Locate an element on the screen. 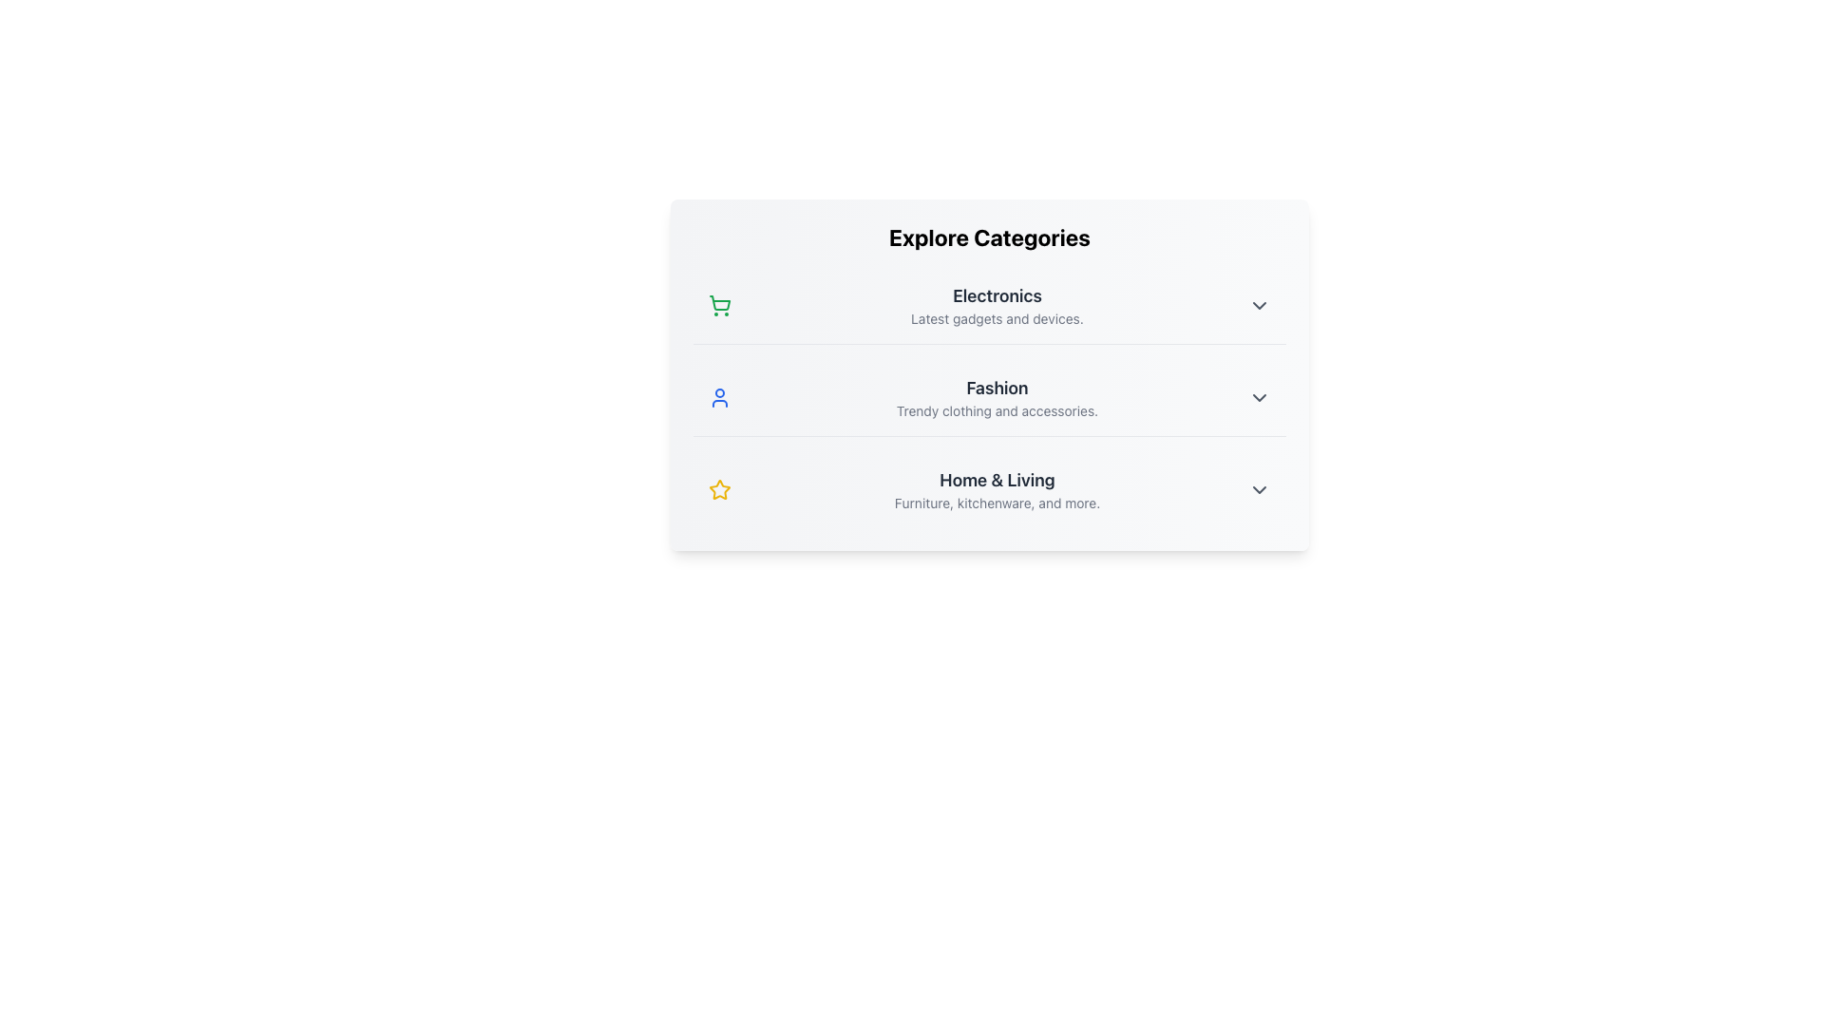  the 'Fashion' text label located in the 'Explore Categories' section, which is styled in bold and slightly larger font size, displayed in dark gray is located at coordinates (997, 387).